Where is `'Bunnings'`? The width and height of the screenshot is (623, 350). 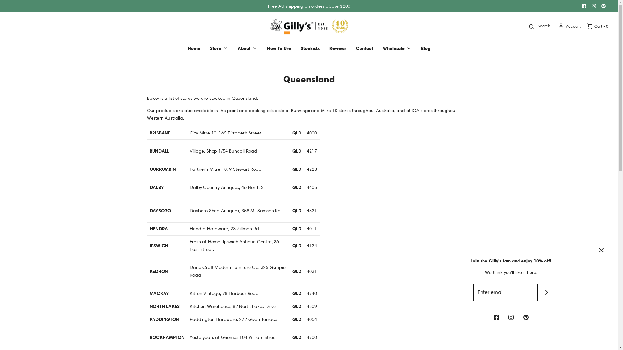
'Bunnings' is located at coordinates (300, 110).